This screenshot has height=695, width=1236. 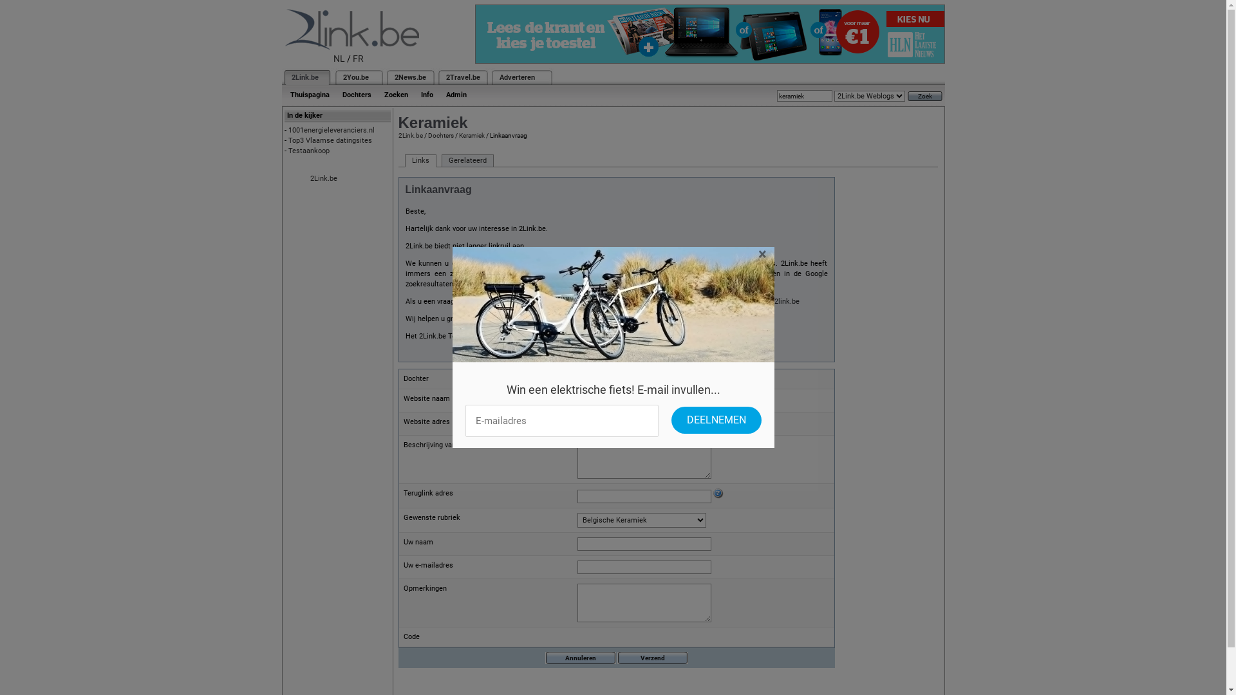 What do you see at coordinates (355, 77) in the screenshot?
I see `'2You.be'` at bounding box center [355, 77].